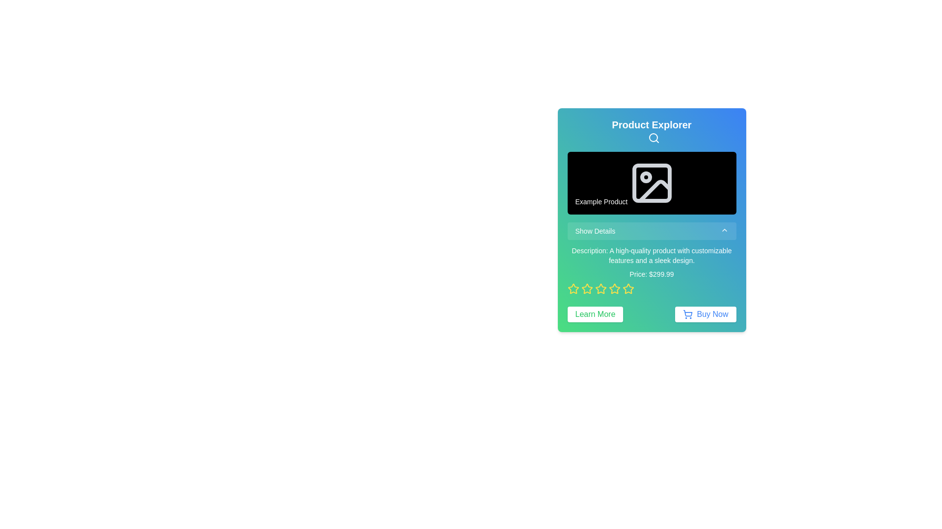  What do you see at coordinates (652, 255) in the screenshot?
I see `text label that displays 'Description: A high-quality product with customizable features and a sleek design.' located beneath the 'Show Details' button` at bounding box center [652, 255].